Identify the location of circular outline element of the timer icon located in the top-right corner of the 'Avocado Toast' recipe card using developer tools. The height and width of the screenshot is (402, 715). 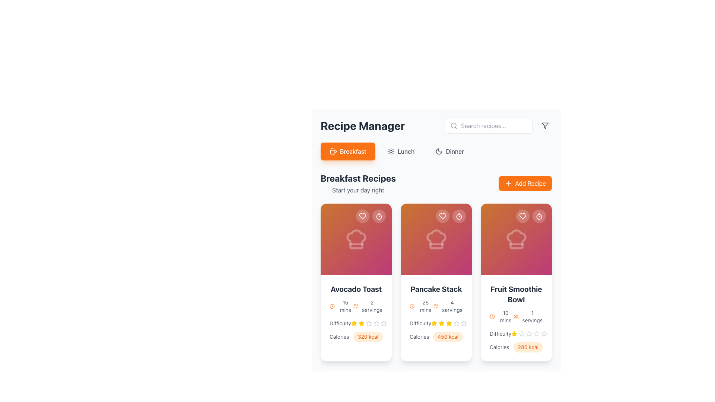
(379, 217).